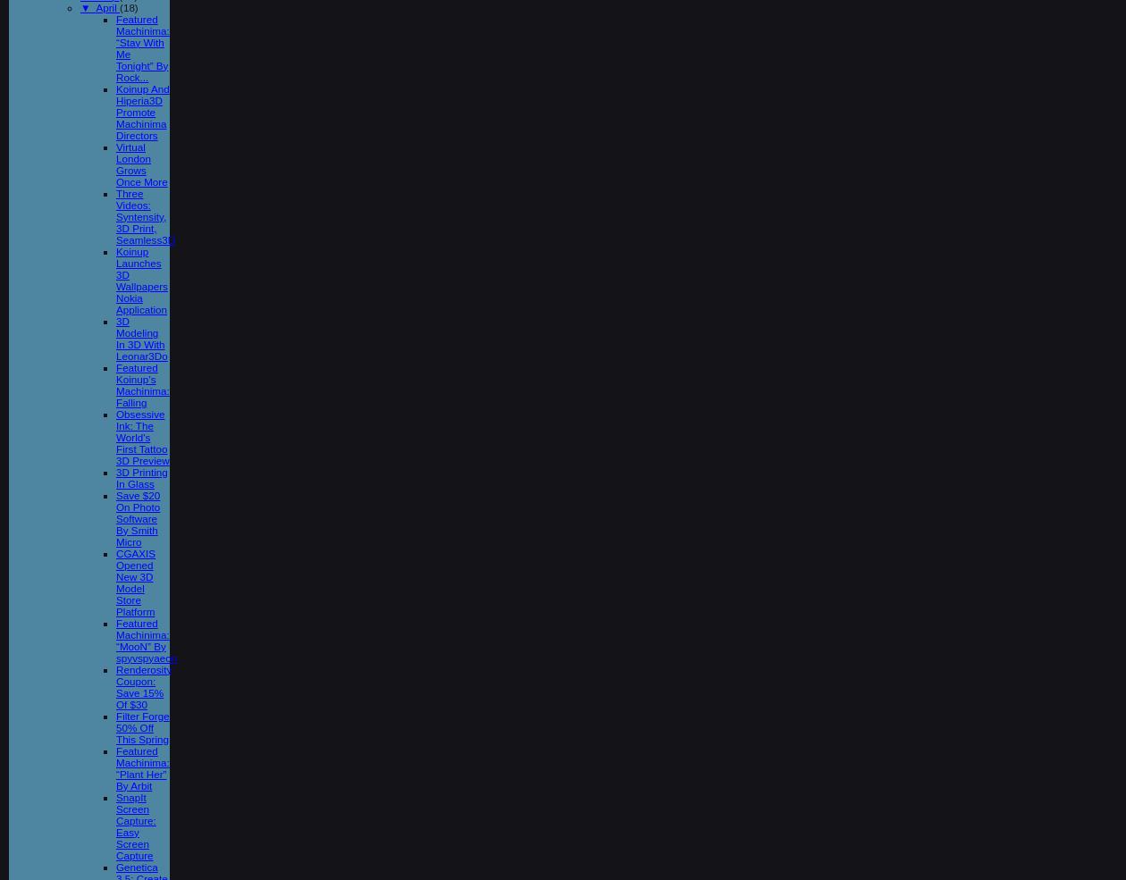 The height and width of the screenshot is (880, 1126). I want to click on 'Filter Forge 50% Off This Spring', so click(142, 725).